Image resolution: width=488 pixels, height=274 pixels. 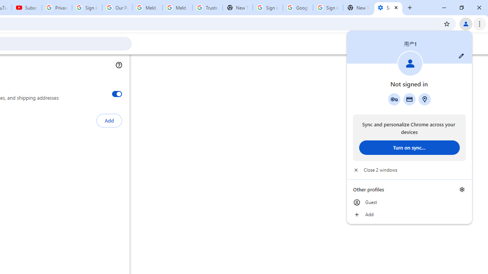 What do you see at coordinates (462, 189) in the screenshot?
I see `'Manage profiles'` at bounding box center [462, 189].